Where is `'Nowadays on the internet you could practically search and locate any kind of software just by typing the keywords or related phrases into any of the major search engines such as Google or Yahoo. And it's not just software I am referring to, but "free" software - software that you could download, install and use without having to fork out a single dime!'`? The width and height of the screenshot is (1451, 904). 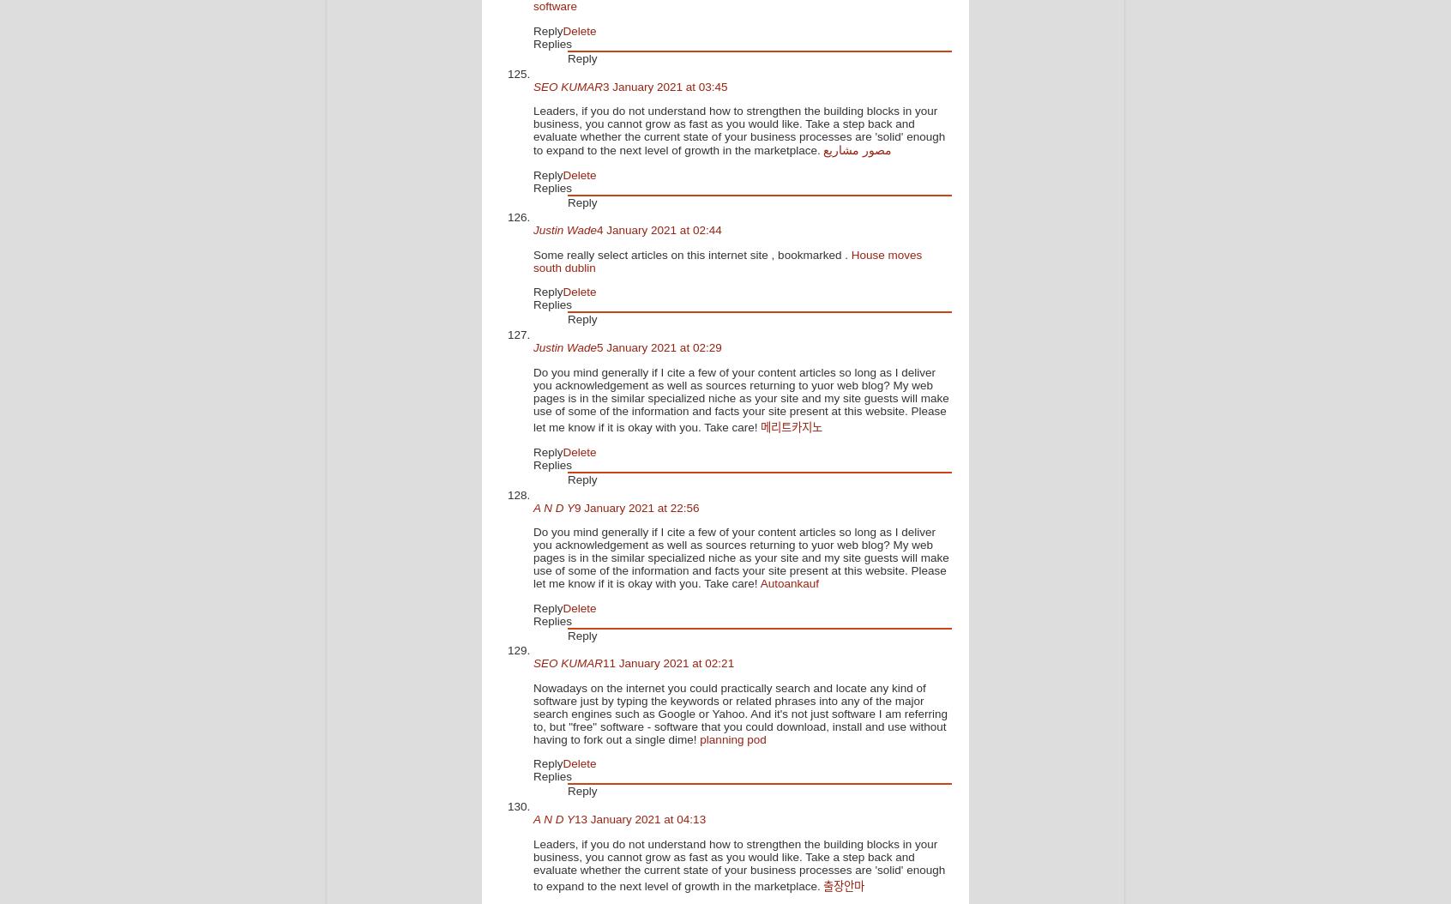
'Nowadays on the internet you could practically search and locate any kind of software just by typing the keywords or related phrases into any of the major search engines such as Google or Yahoo. And it's not just software I am referring to, but "free" software - software that you could download, install and use without having to fork out a single dime!' is located at coordinates (739, 712).